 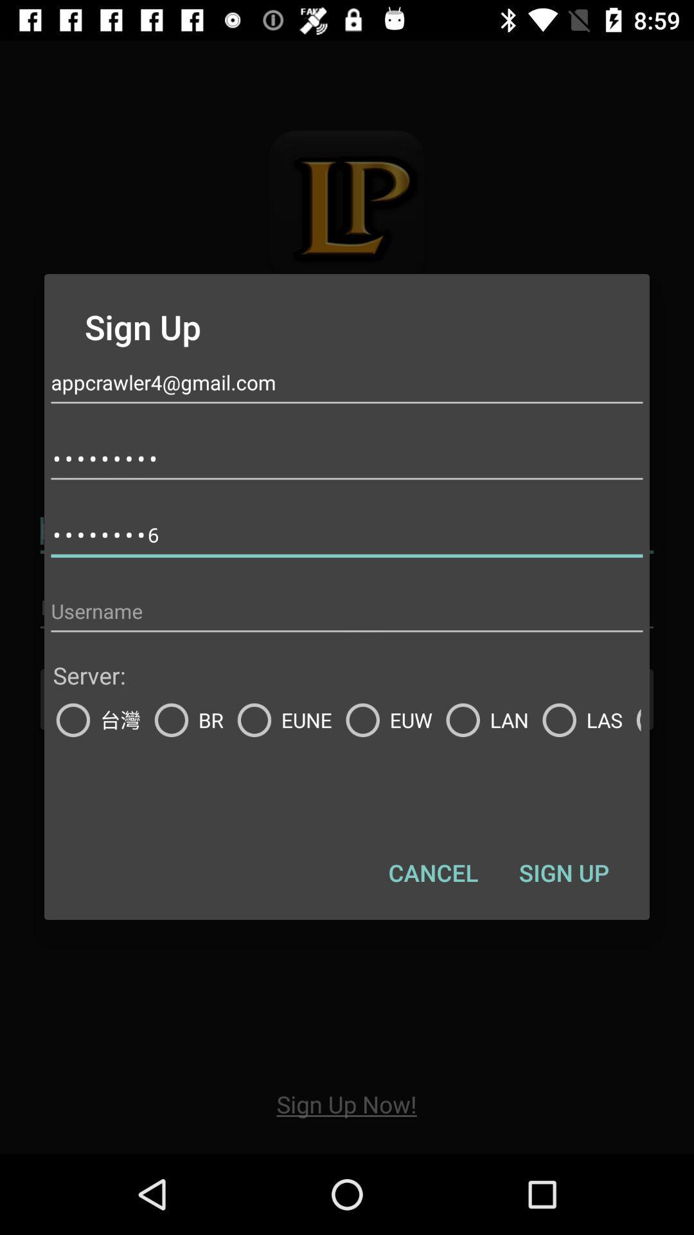 I want to click on name, so click(x=347, y=610).